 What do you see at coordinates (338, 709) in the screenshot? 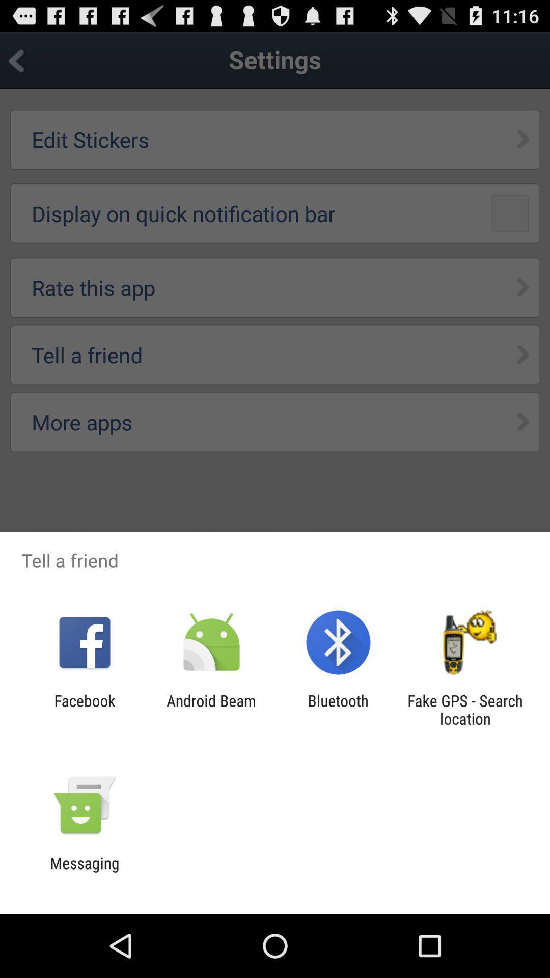
I see `the app next to the android beam app` at bounding box center [338, 709].